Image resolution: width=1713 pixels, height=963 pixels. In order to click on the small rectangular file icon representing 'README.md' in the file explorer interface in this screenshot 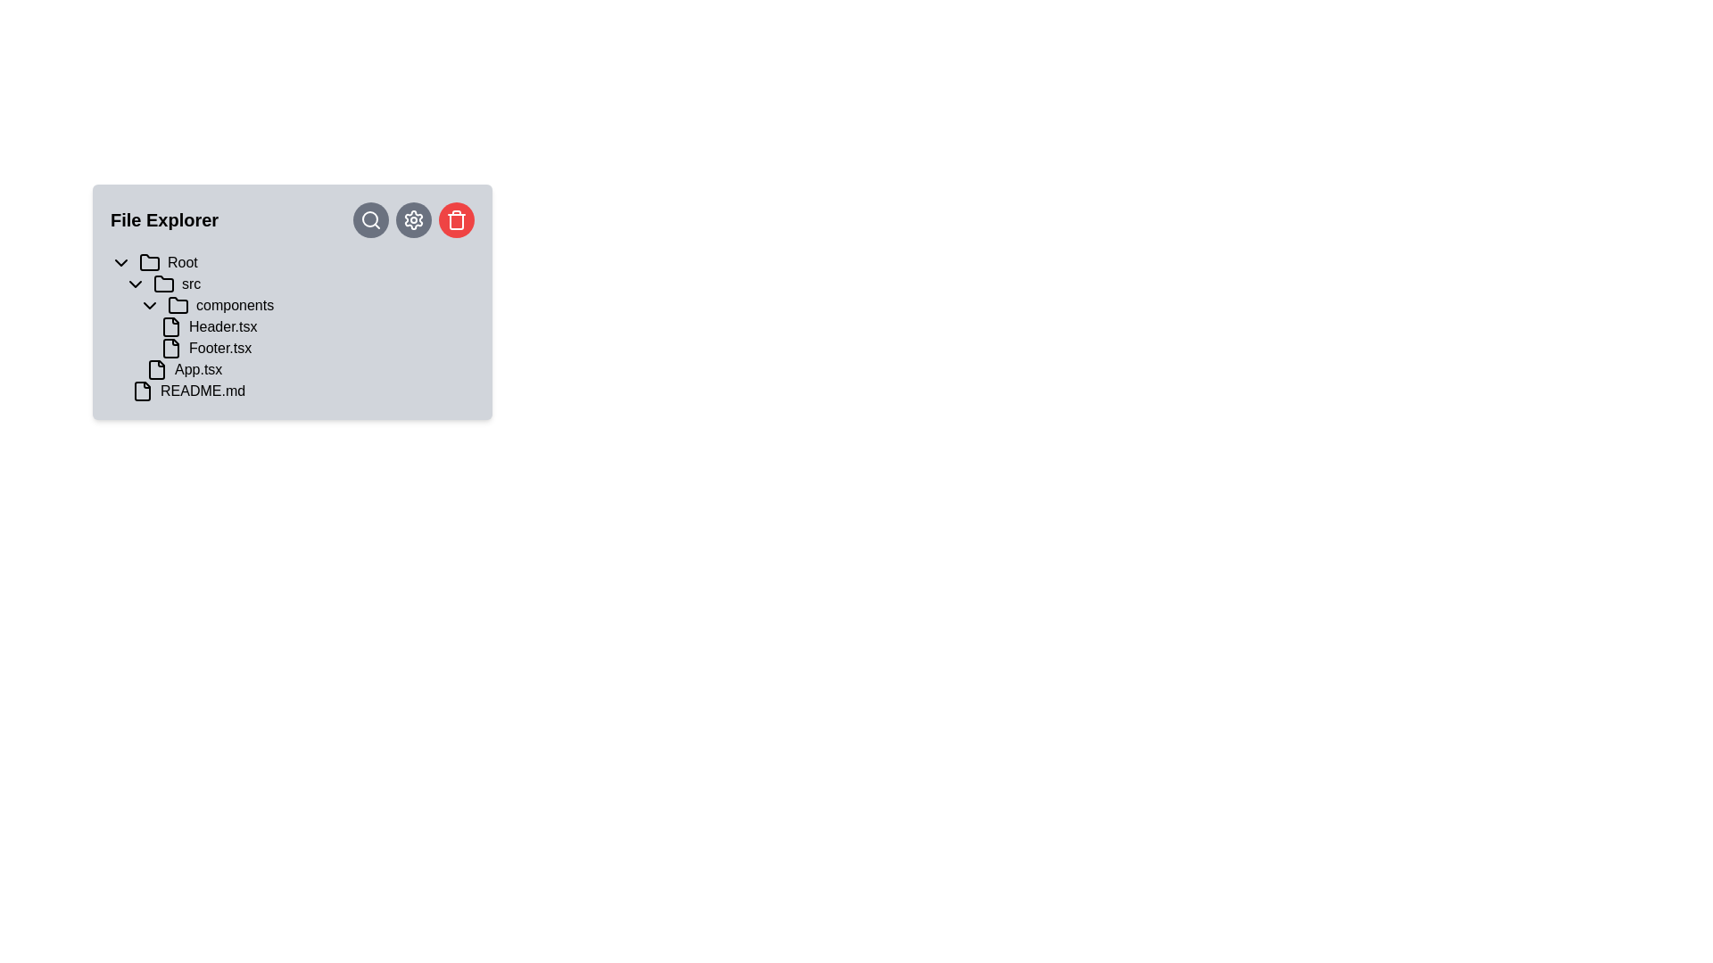, I will do `click(141, 391)`.